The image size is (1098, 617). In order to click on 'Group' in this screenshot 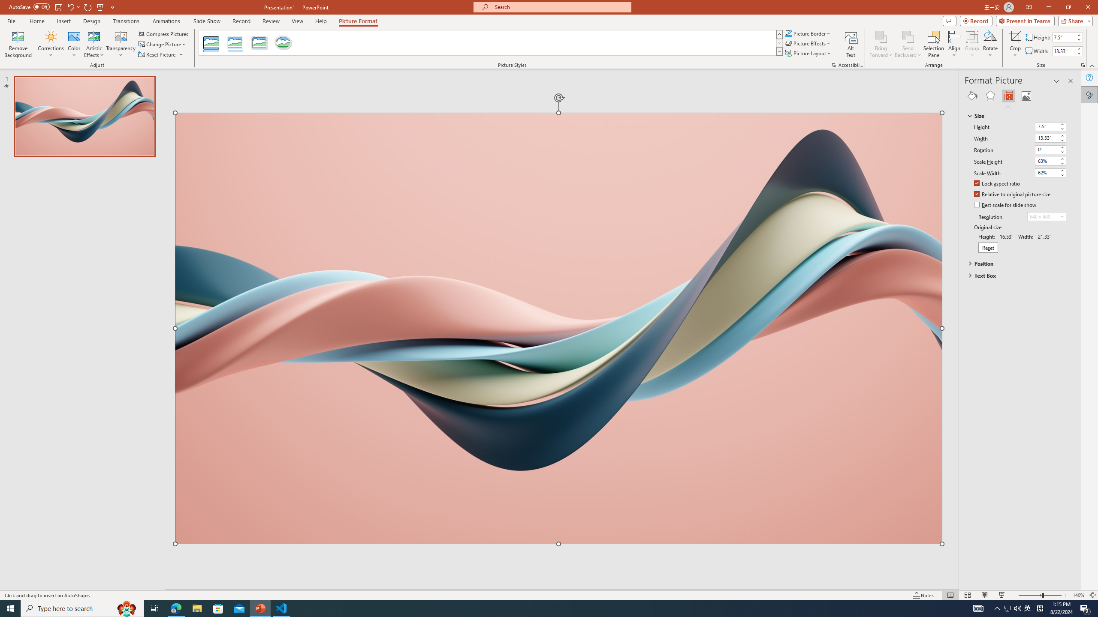, I will do `click(972, 44)`.